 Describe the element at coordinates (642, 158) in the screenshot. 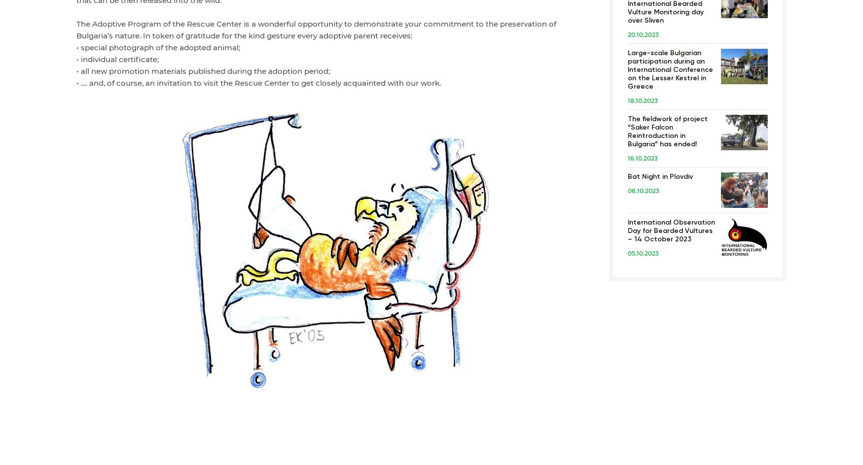

I see `'16.10.2023'` at that location.